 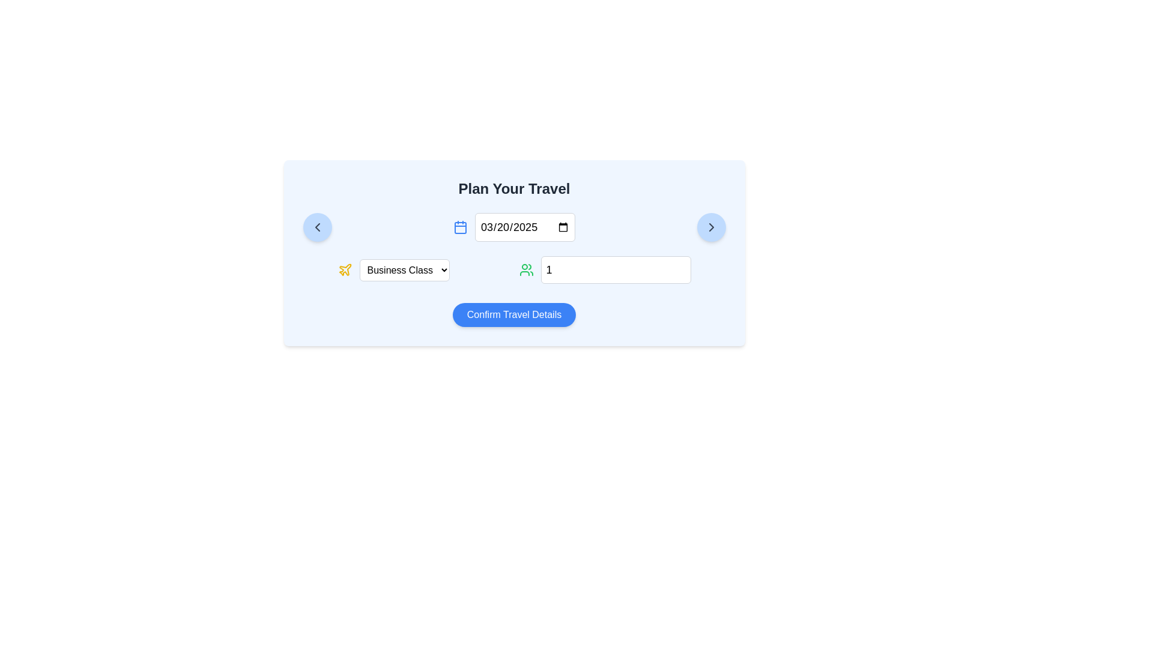 I want to click on the confirm button used to proceed with travel planning, so click(x=514, y=314).